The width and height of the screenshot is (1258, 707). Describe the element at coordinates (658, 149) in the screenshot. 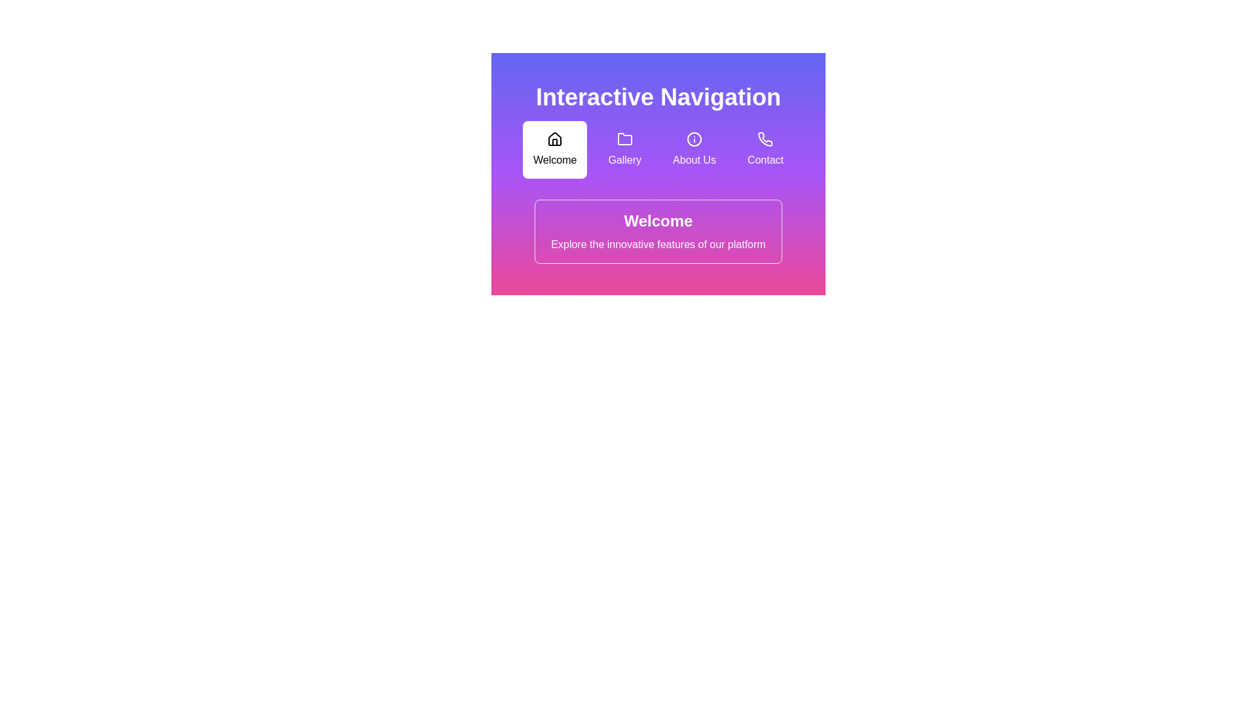

I see `the navigation bar for keyboard navigation` at that location.